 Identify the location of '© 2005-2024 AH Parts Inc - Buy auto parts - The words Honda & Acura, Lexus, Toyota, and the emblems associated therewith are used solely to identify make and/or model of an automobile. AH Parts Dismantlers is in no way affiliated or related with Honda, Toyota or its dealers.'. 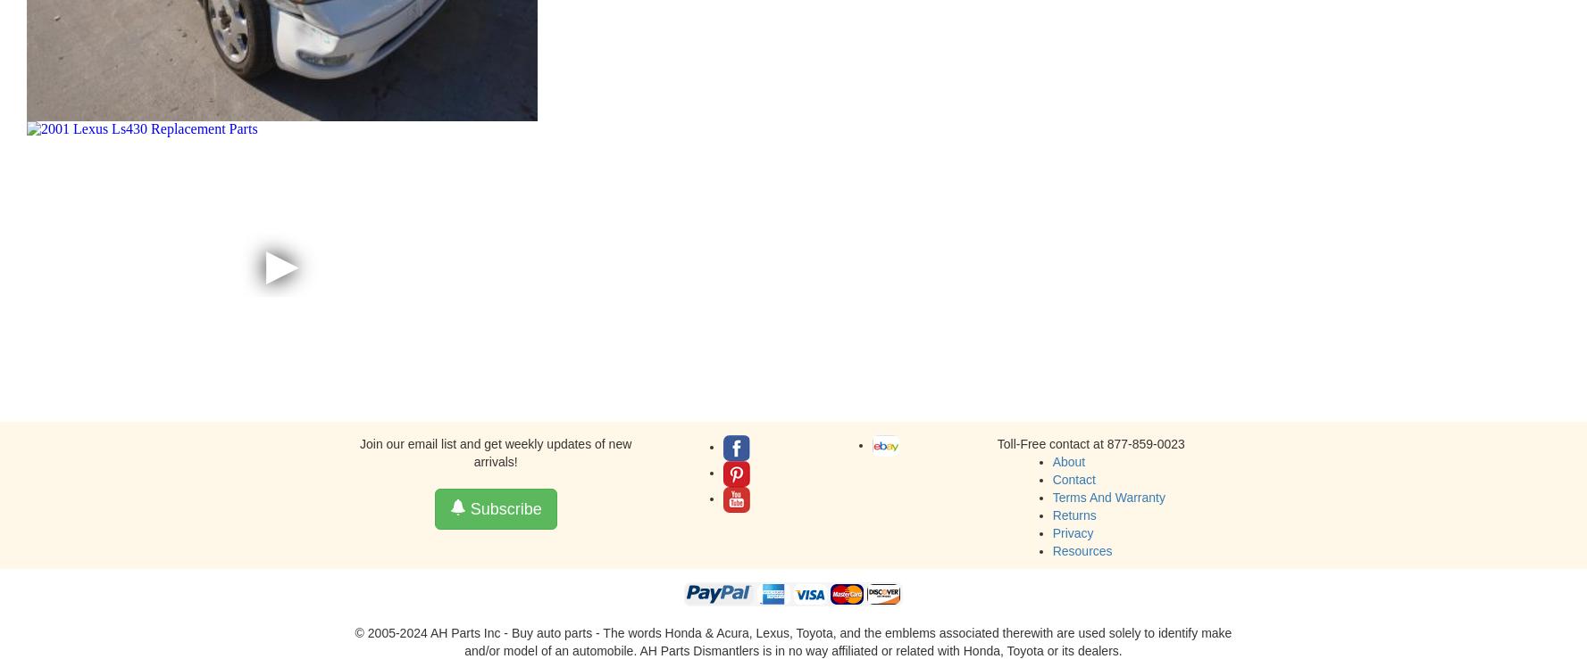
(791, 642).